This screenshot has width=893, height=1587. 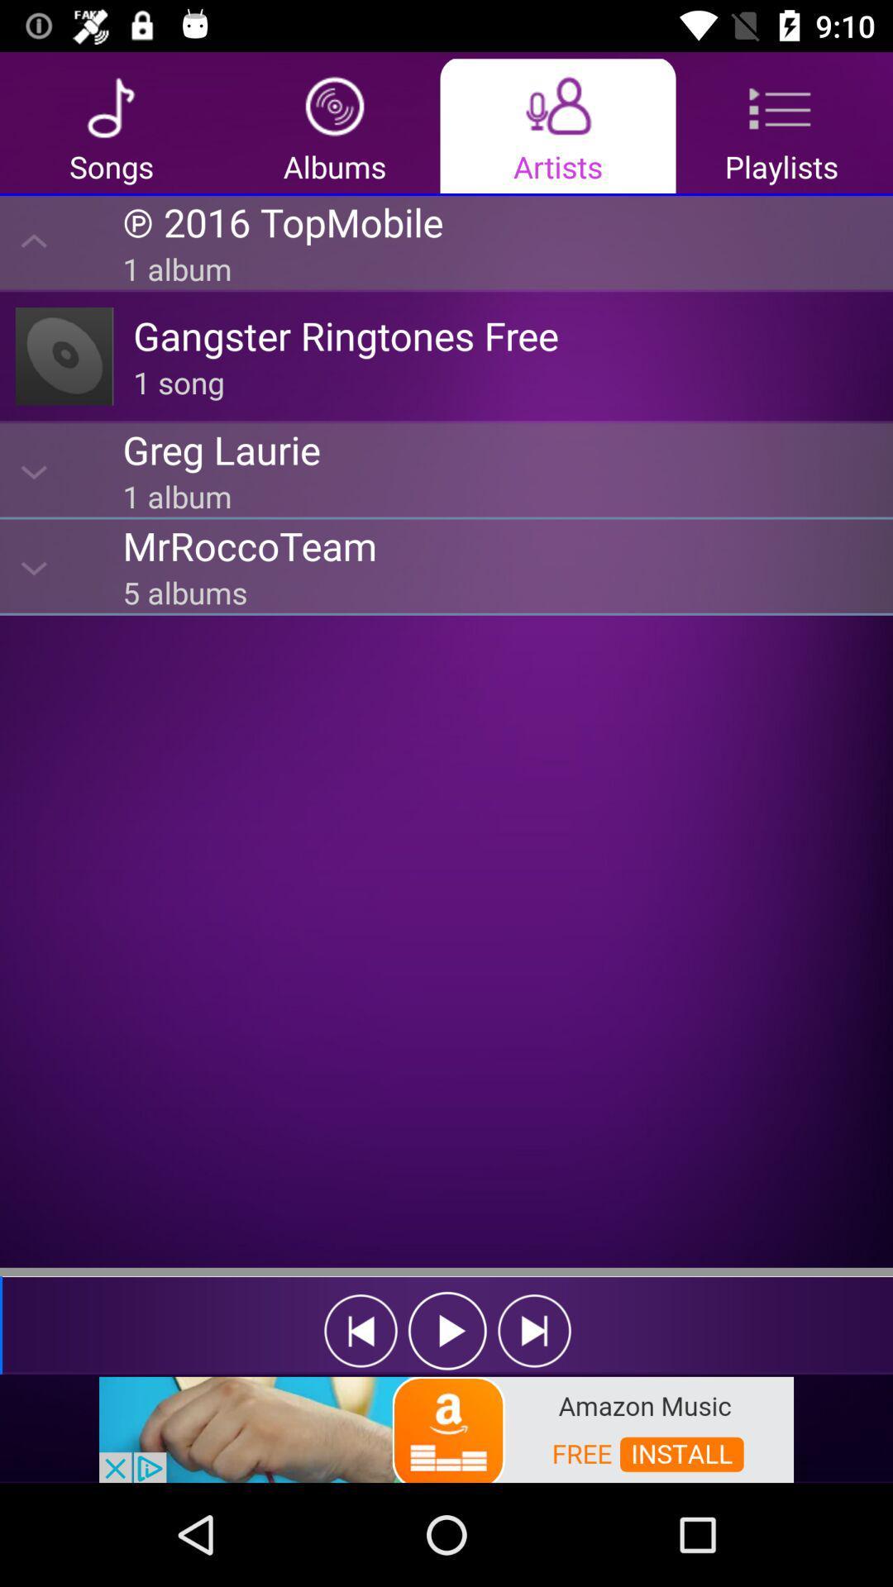 I want to click on play, so click(x=447, y=1331).